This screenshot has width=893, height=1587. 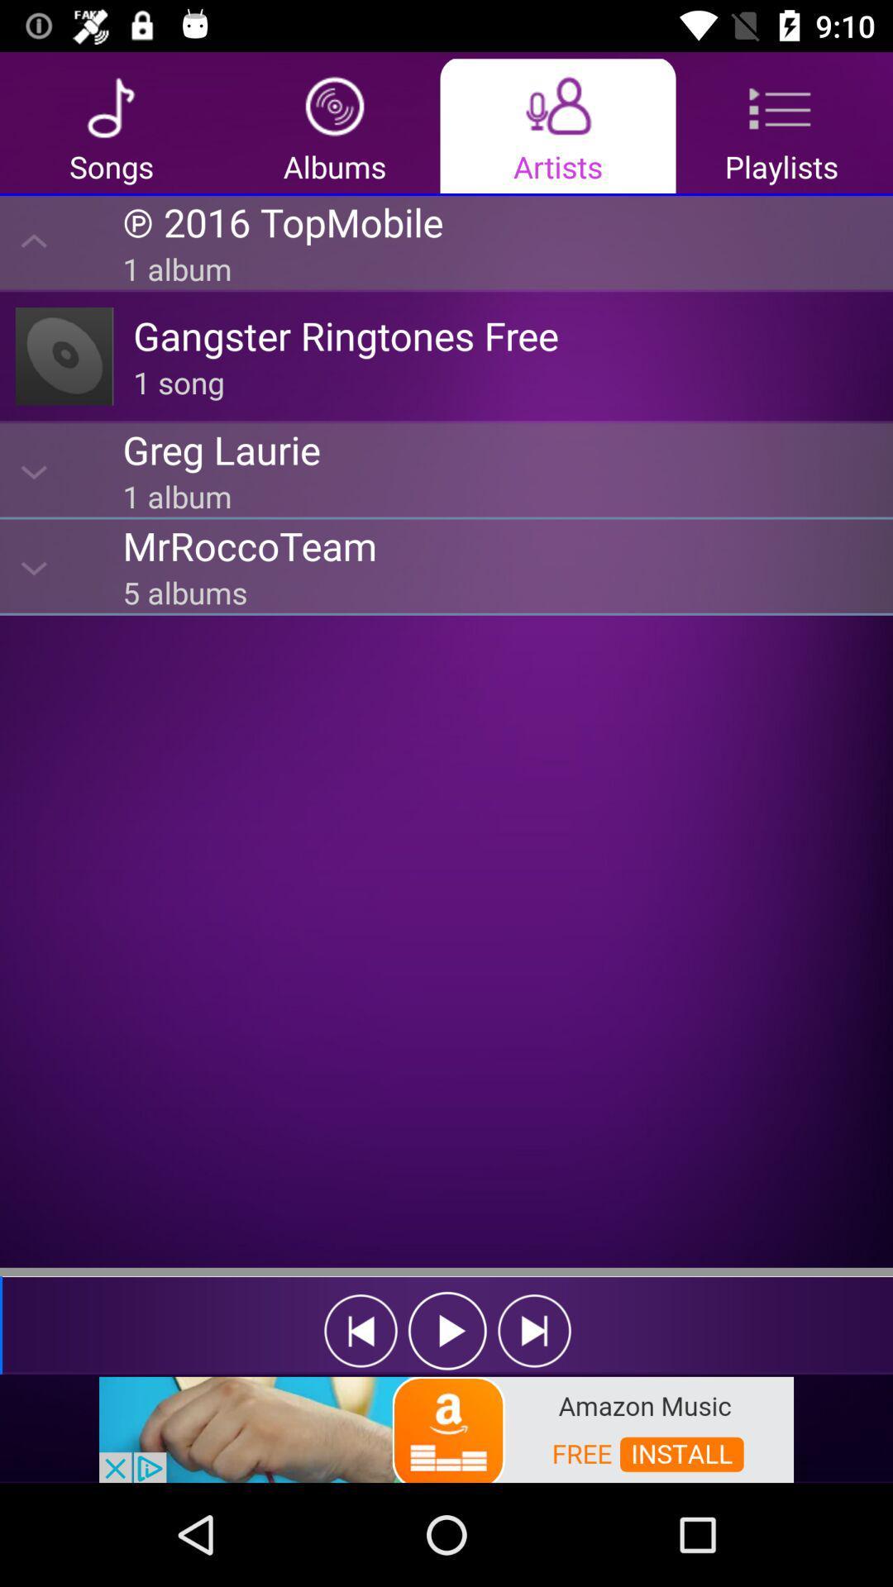 I want to click on play, so click(x=447, y=1331).